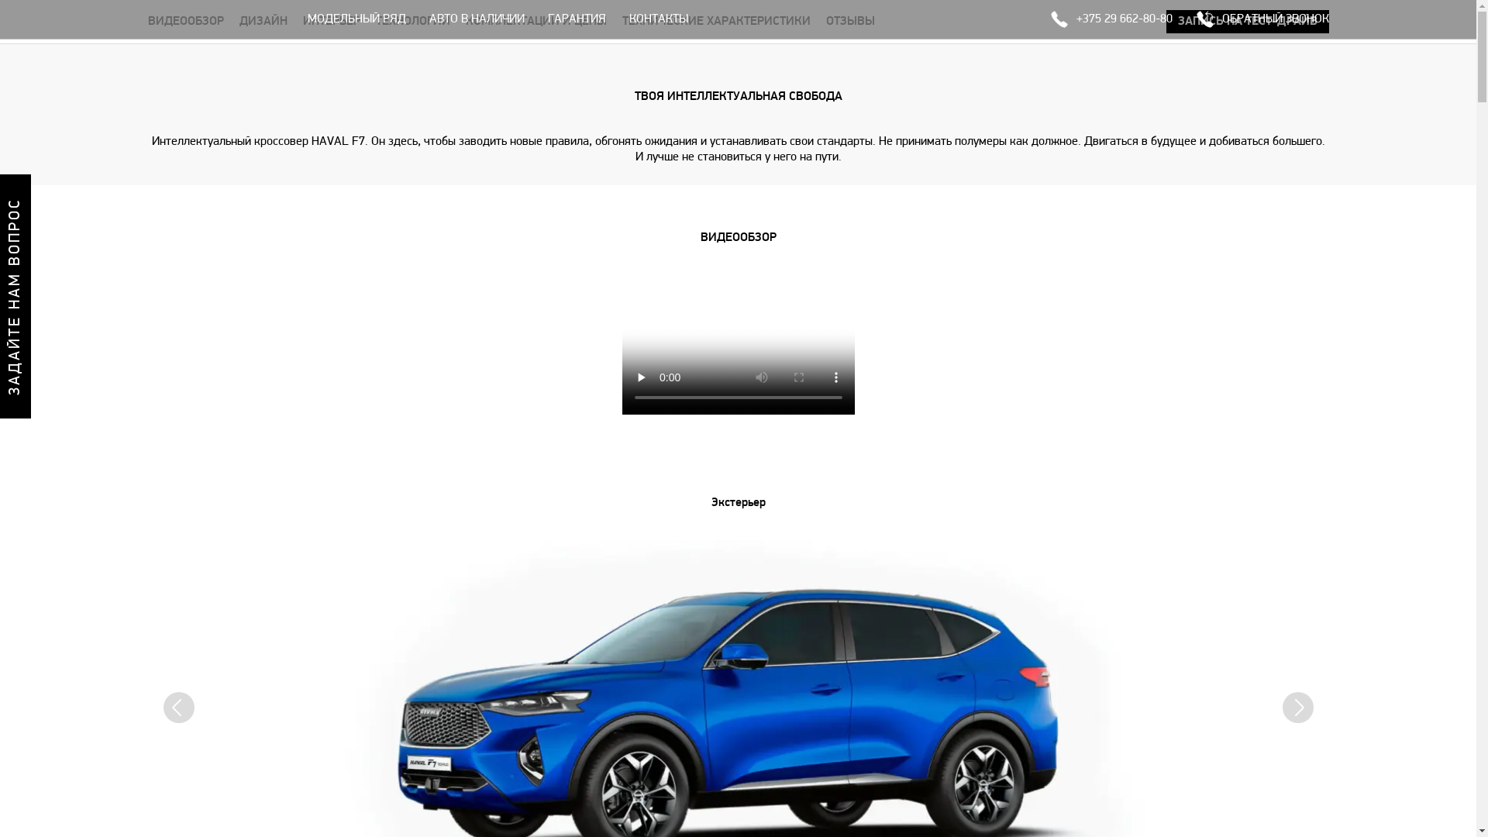 The image size is (1488, 837). What do you see at coordinates (1110, 19) in the screenshot?
I see `'+375 29 662-80-80'` at bounding box center [1110, 19].